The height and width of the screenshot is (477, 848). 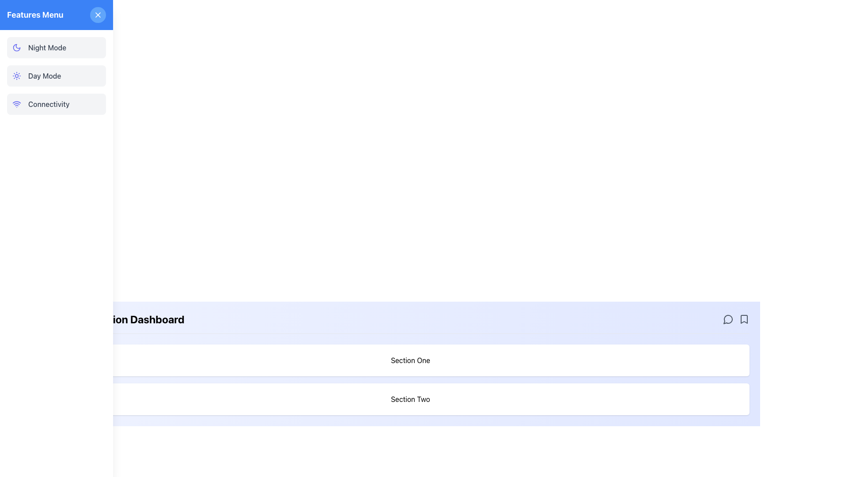 What do you see at coordinates (98, 15) in the screenshot?
I see `the close button, which is a small white 'X' icon in a blue circular background, located at the top-right corner of the 'Features Menu' header` at bounding box center [98, 15].